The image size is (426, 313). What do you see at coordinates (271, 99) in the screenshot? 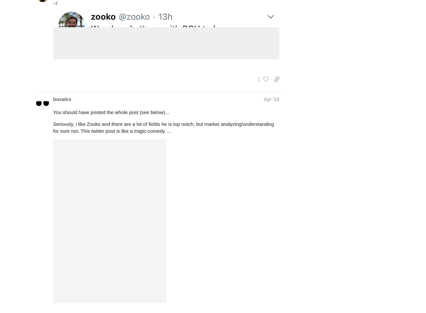
I see `'Apr '19'` at bounding box center [271, 99].